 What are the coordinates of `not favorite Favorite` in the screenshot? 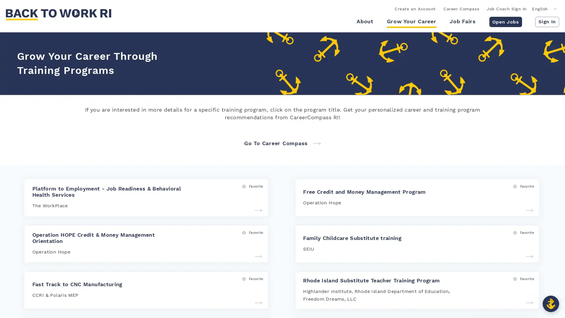 It's located at (524, 278).